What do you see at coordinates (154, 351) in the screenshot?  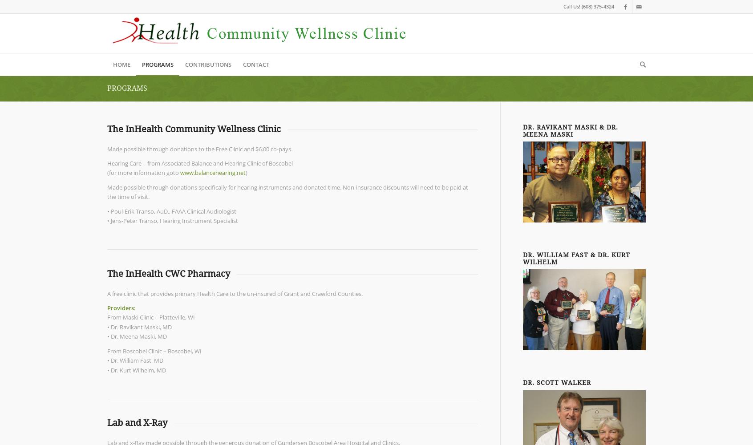 I see `'From Boscobel Clinic – Boscobel, WI'` at bounding box center [154, 351].